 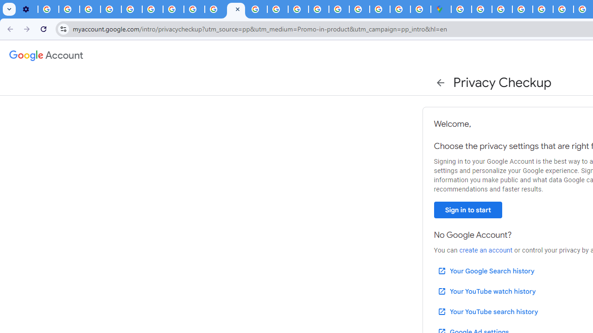 I want to click on 'create an account', so click(x=485, y=250).